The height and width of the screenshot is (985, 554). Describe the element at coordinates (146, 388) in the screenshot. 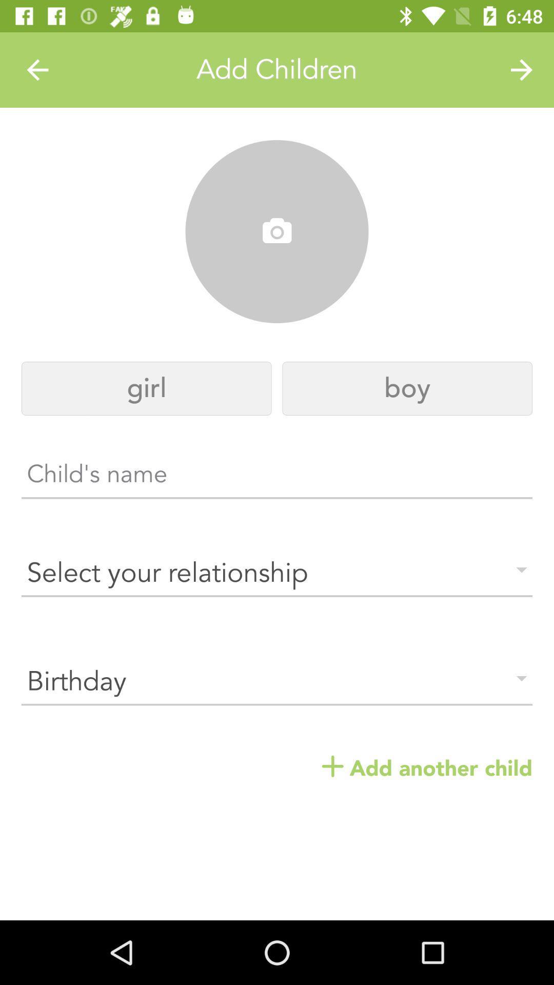

I see `the girl icon` at that location.